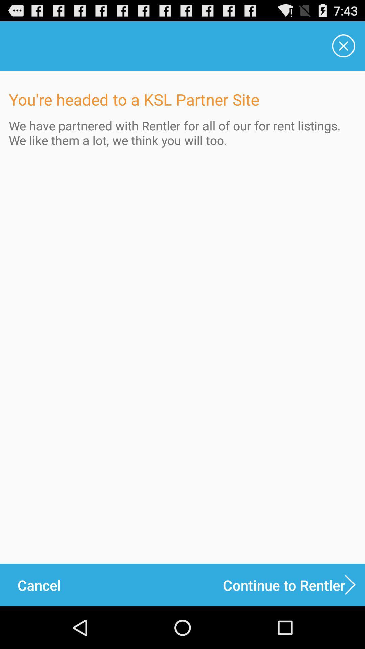 This screenshot has height=649, width=365. Describe the element at coordinates (39, 585) in the screenshot. I see `the item at the bottom left corner` at that location.